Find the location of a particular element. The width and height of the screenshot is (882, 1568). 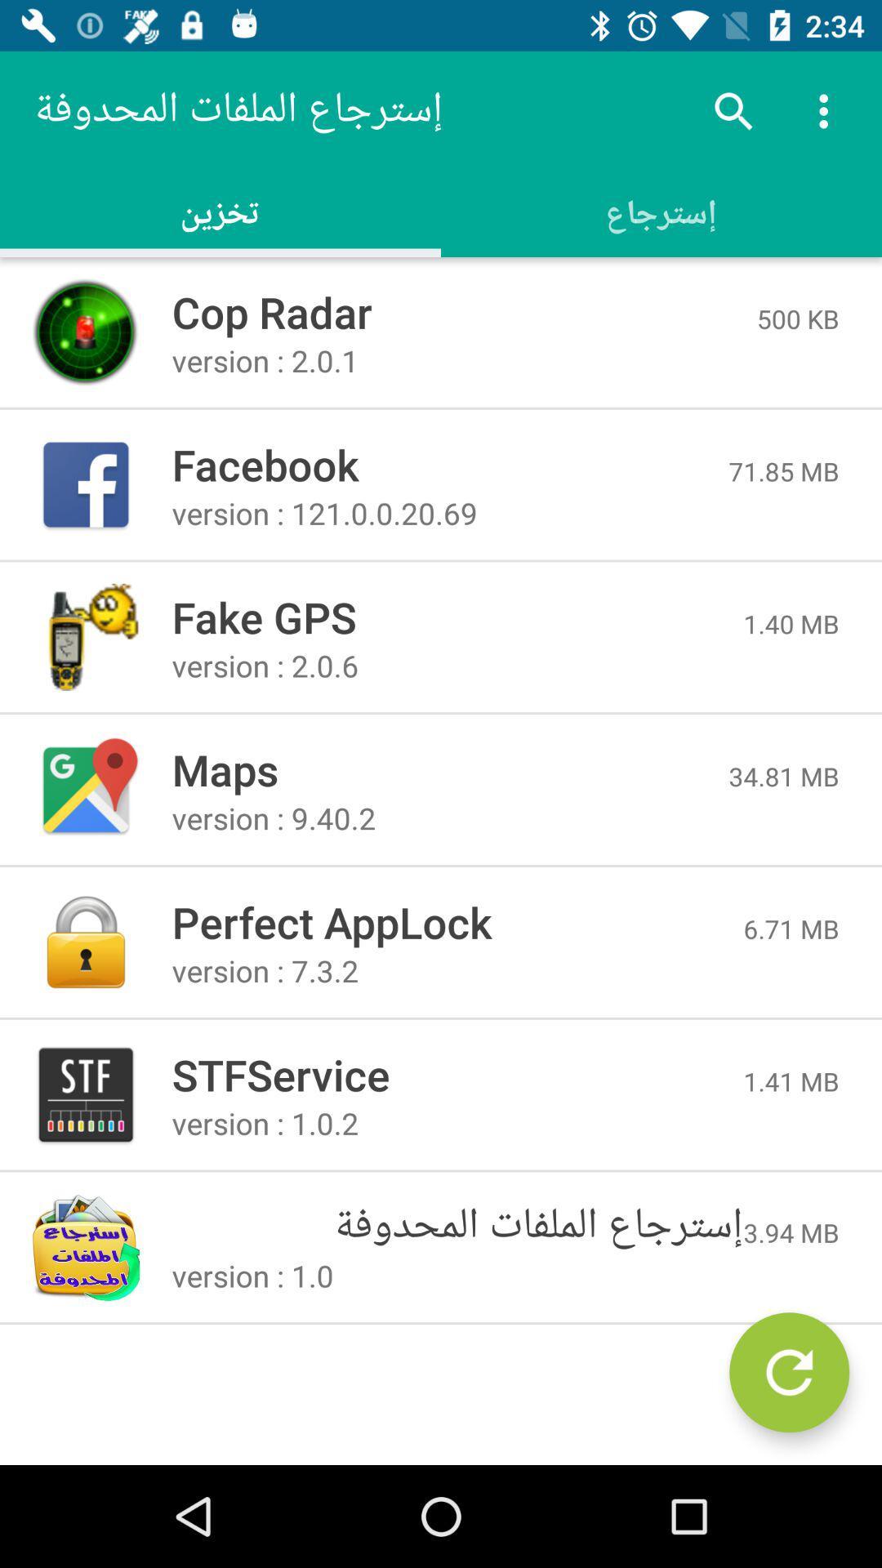

icon next to the 71.85 mb is located at coordinates (450, 463).